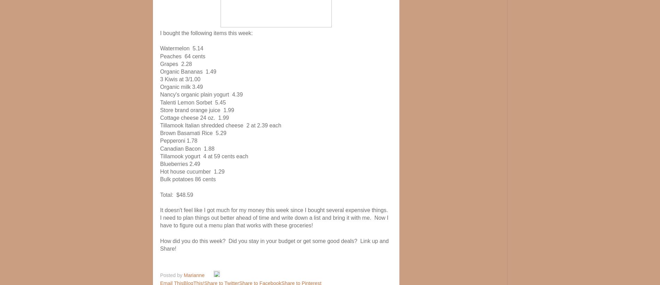 This screenshot has width=660, height=285. What do you see at coordinates (172, 275) in the screenshot?
I see `'Posted by'` at bounding box center [172, 275].